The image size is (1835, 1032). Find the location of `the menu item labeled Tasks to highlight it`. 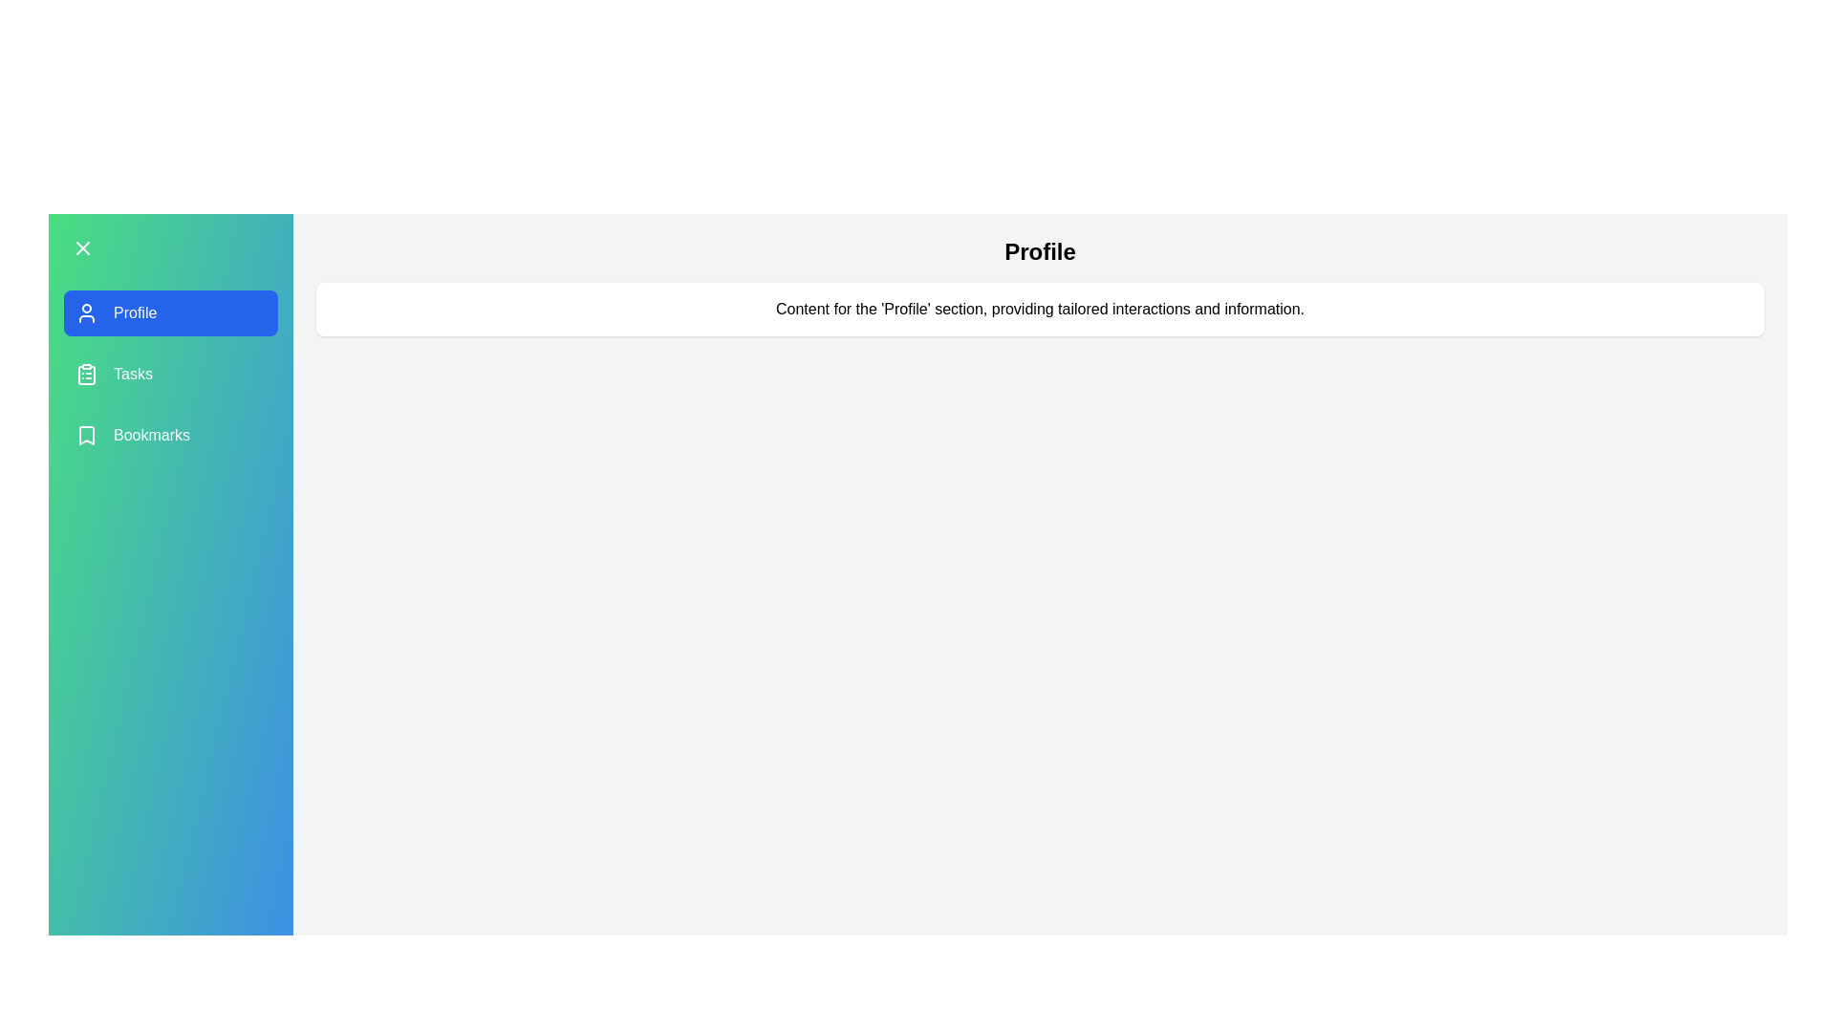

the menu item labeled Tasks to highlight it is located at coordinates (170, 375).